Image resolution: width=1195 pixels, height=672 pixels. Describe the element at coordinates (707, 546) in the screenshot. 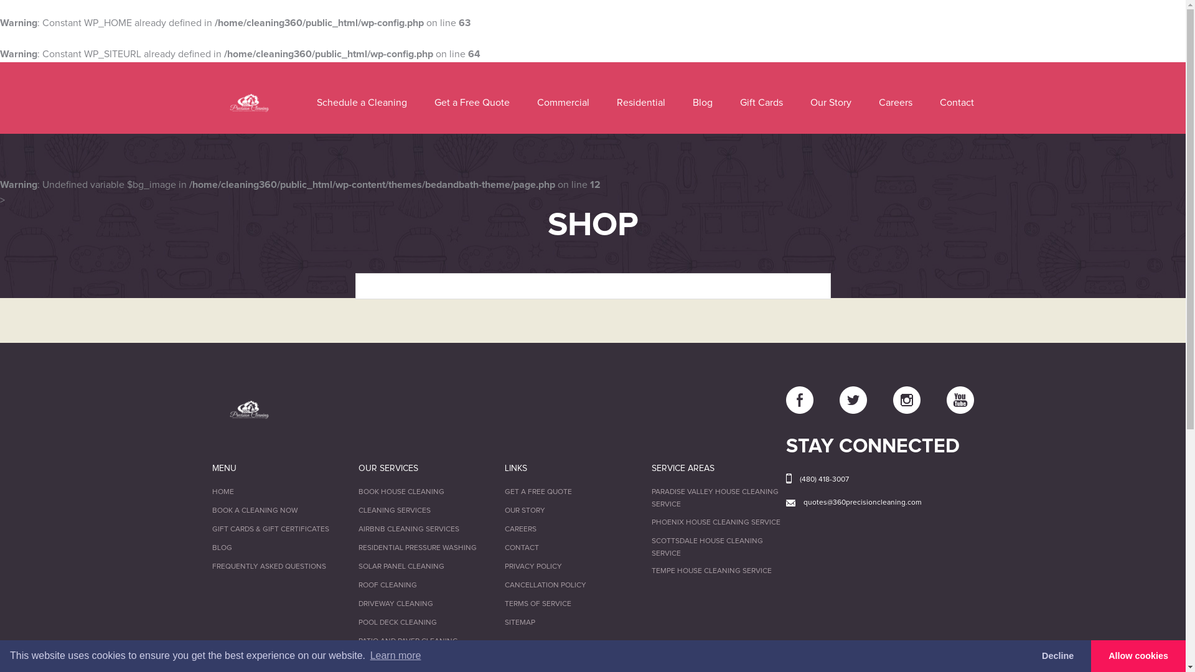

I see `'SCOTTSDALE HOUSE CLEANING SERVICE'` at that location.